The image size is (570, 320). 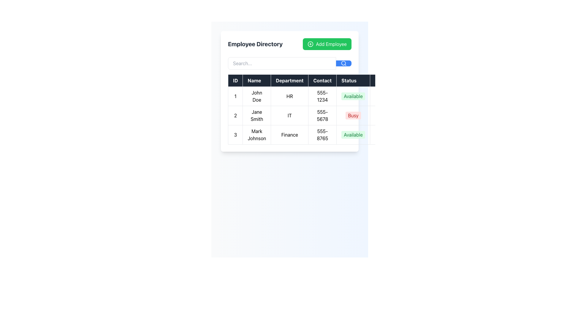 What do you see at coordinates (322, 135) in the screenshot?
I see `the 'Contact' text cell displaying '555-8765' in the Employee Directory component to copy the text` at bounding box center [322, 135].